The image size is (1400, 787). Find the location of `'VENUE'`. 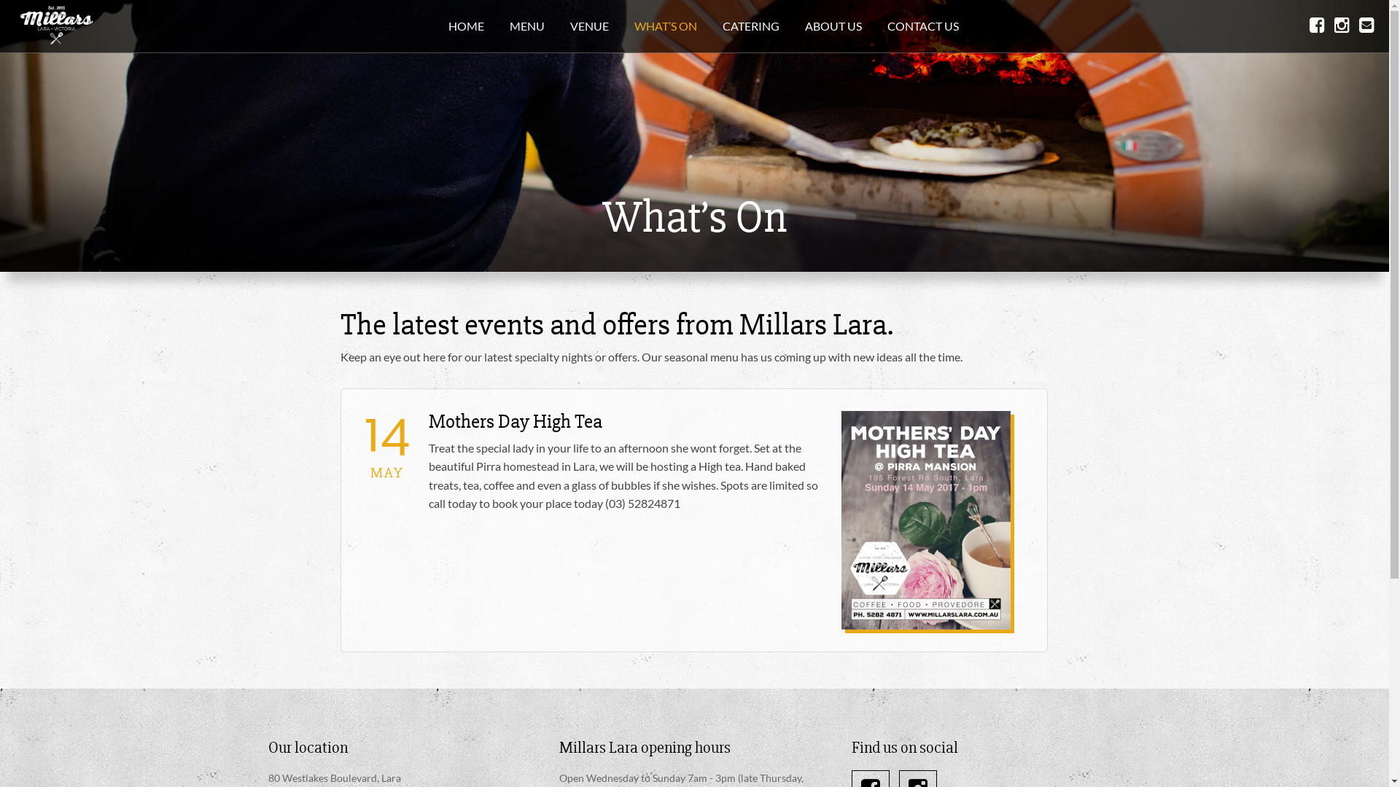

'VENUE' is located at coordinates (589, 26).